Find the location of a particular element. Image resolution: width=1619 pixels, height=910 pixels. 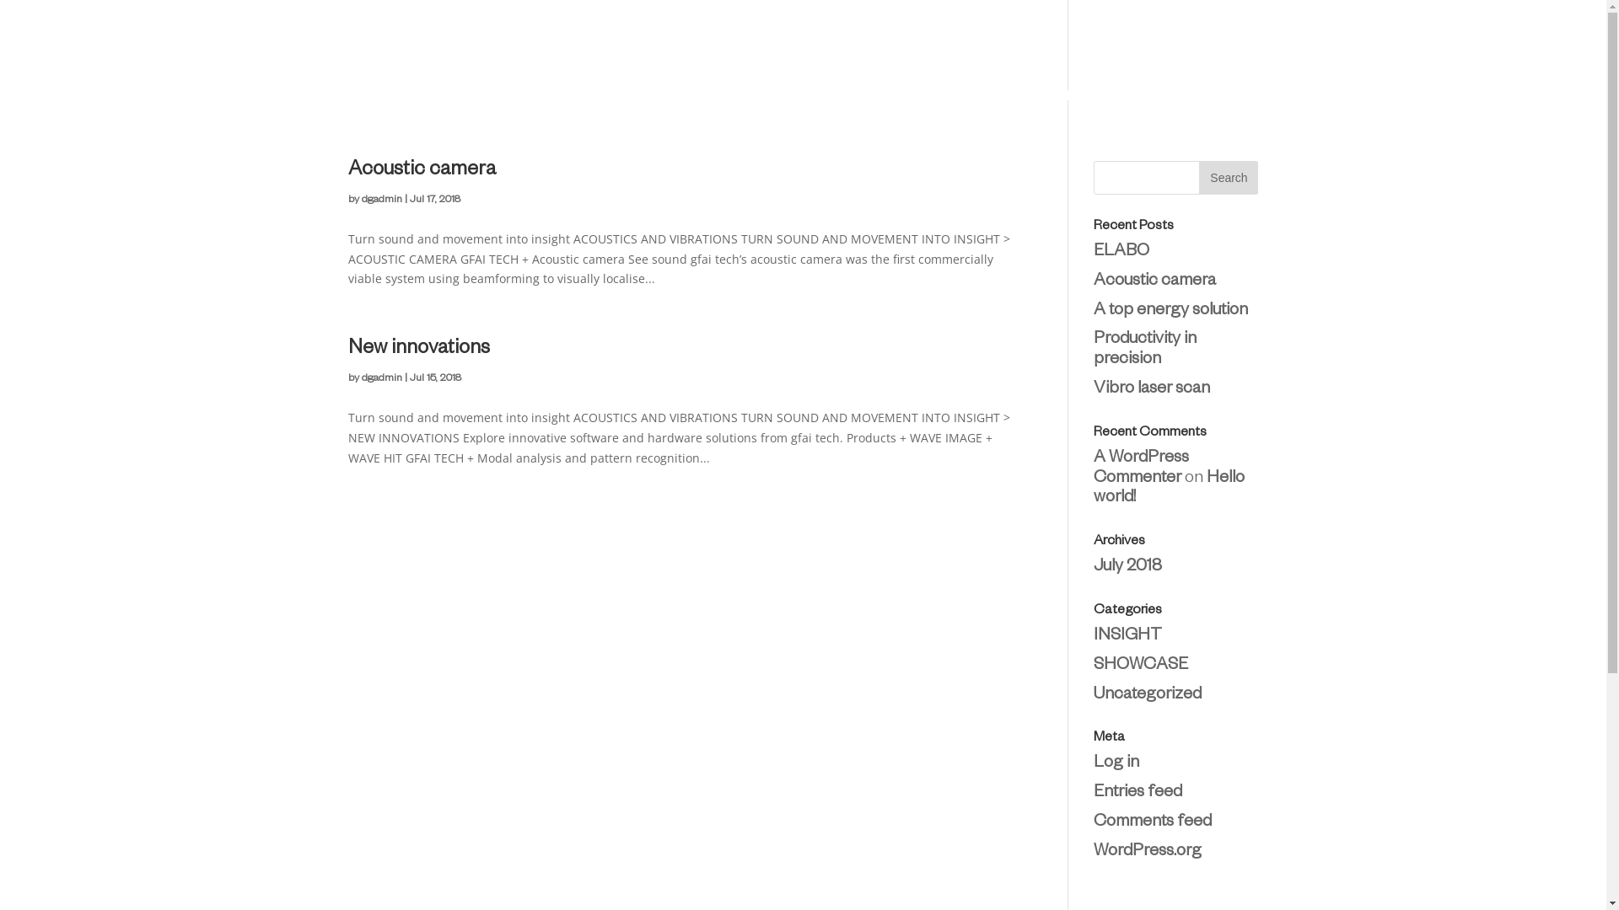

'INSIGHT' is located at coordinates (1127, 637).